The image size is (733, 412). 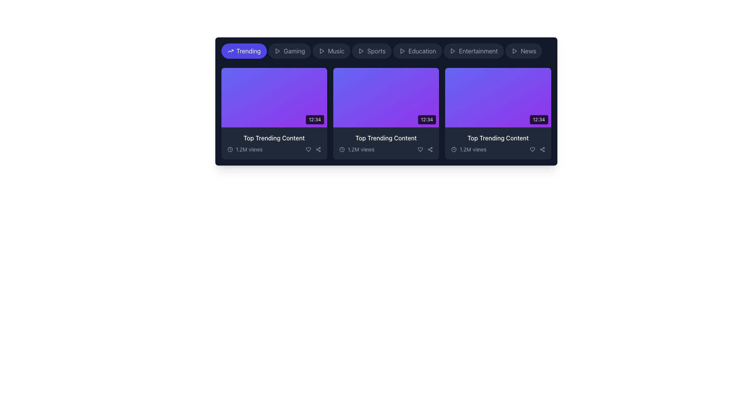 I want to click on the 'Gaming' button, which has a dark gray background, light gray text, and a play icon, indicating it is a selectable category option, so click(x=289, y=51).